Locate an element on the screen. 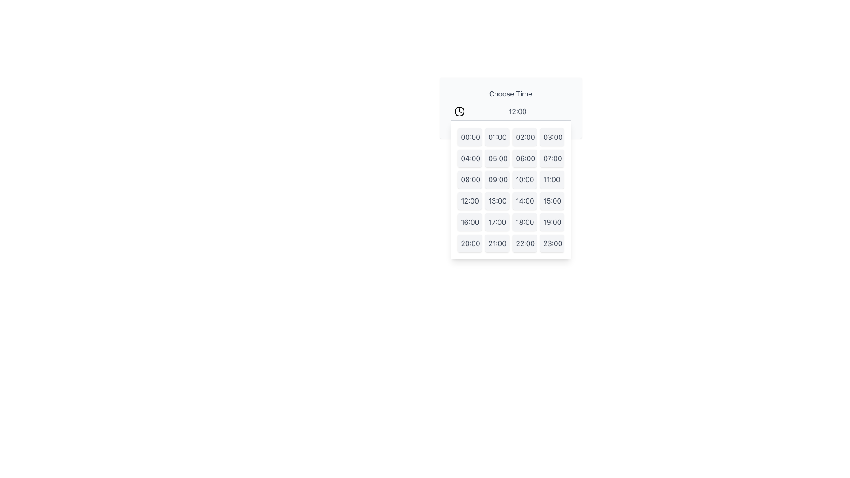  the '16:00' button in the dropdown menu is located at coordinates (469, 221).